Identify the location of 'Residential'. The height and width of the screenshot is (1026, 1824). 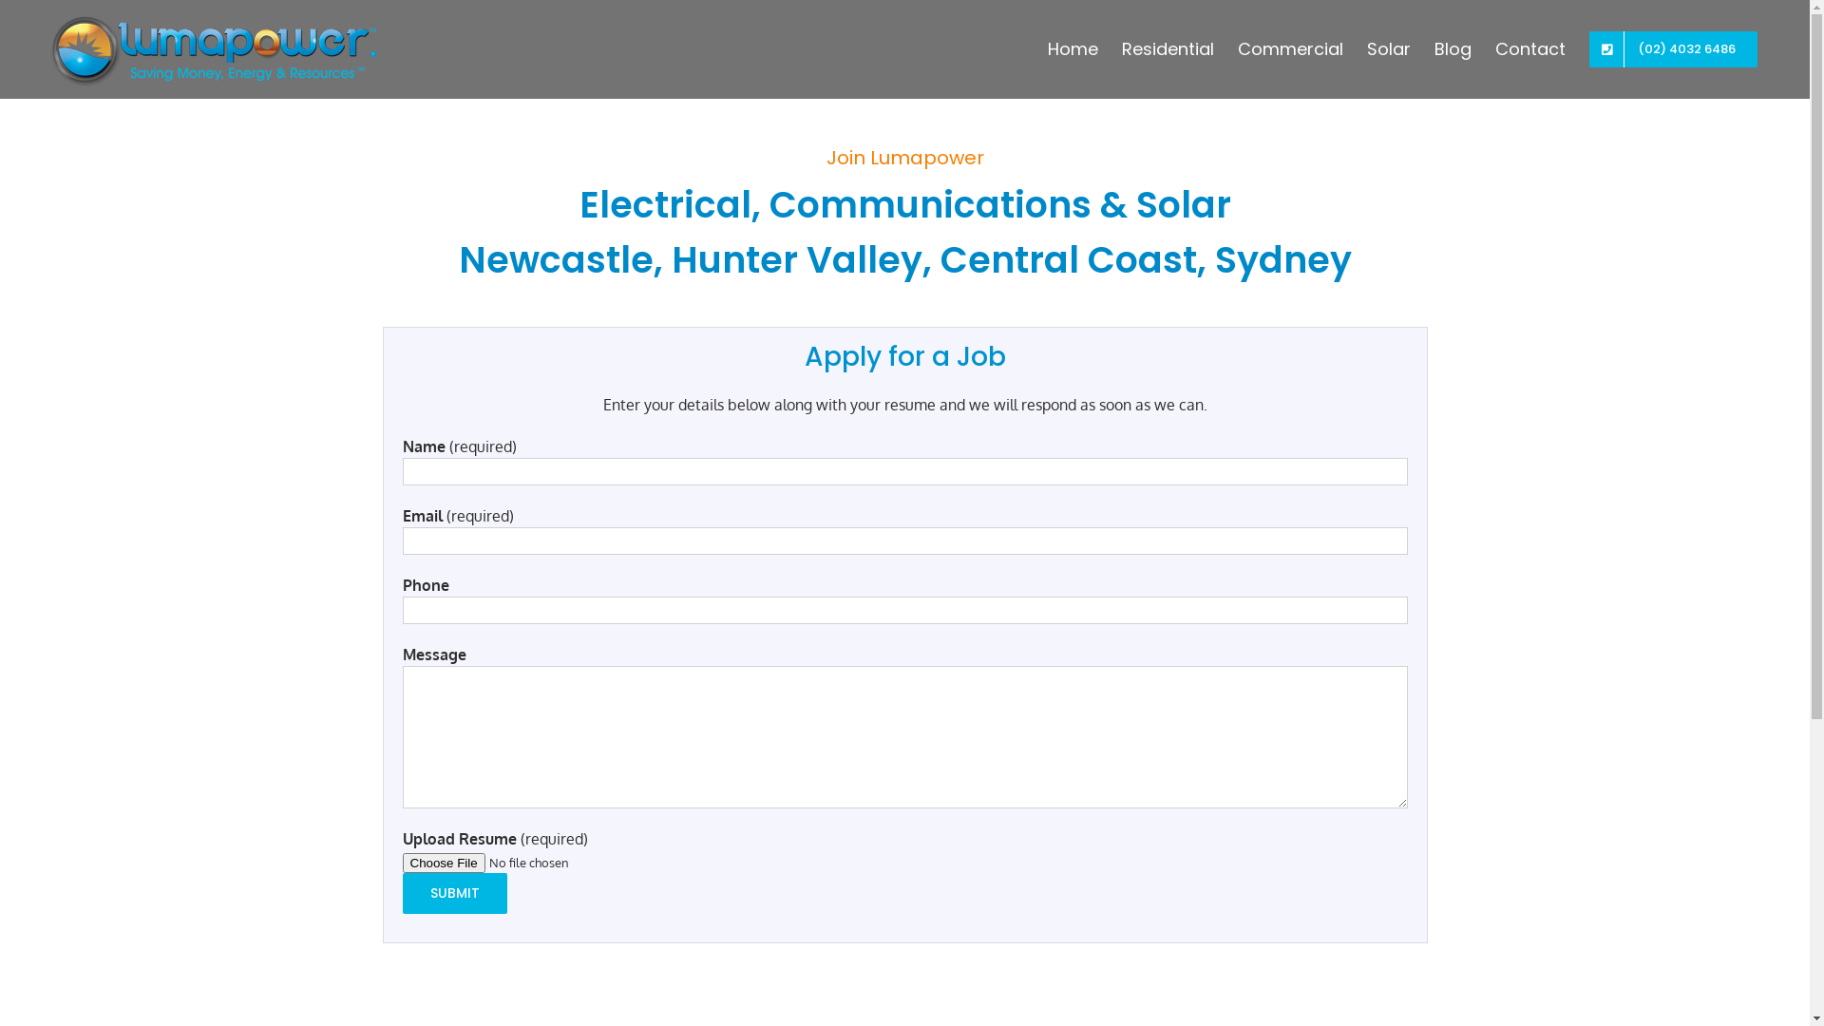
(1167, 47).